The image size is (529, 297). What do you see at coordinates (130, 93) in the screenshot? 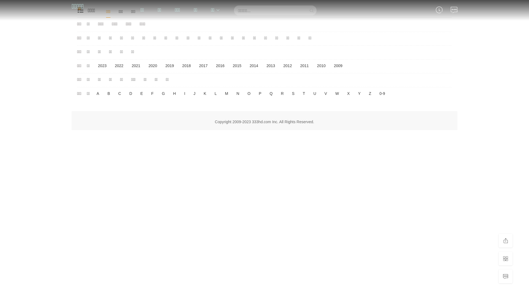
I see `'D'` at bounding box center [130, 93].